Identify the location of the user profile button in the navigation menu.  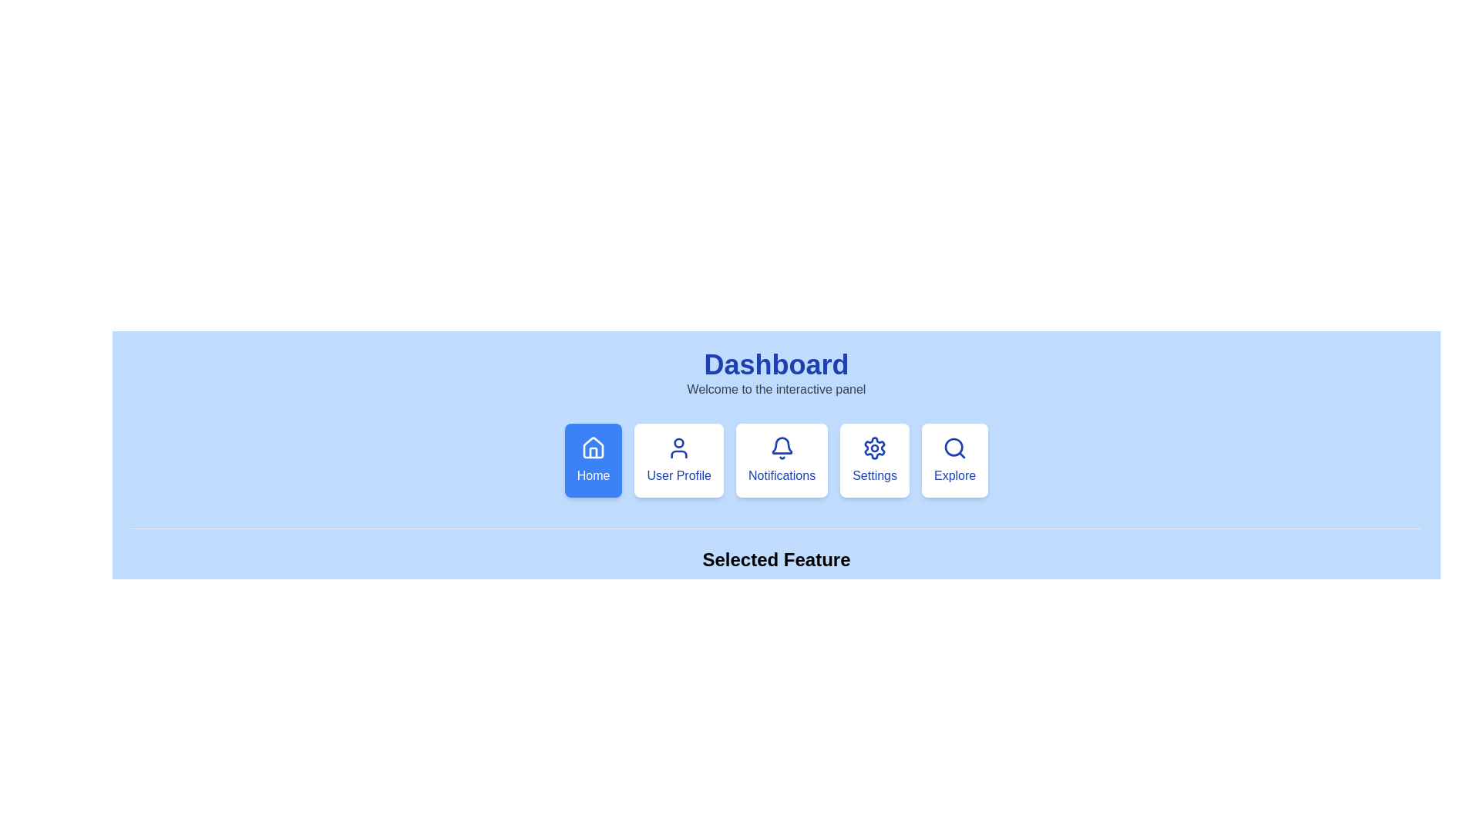
(678, 459).